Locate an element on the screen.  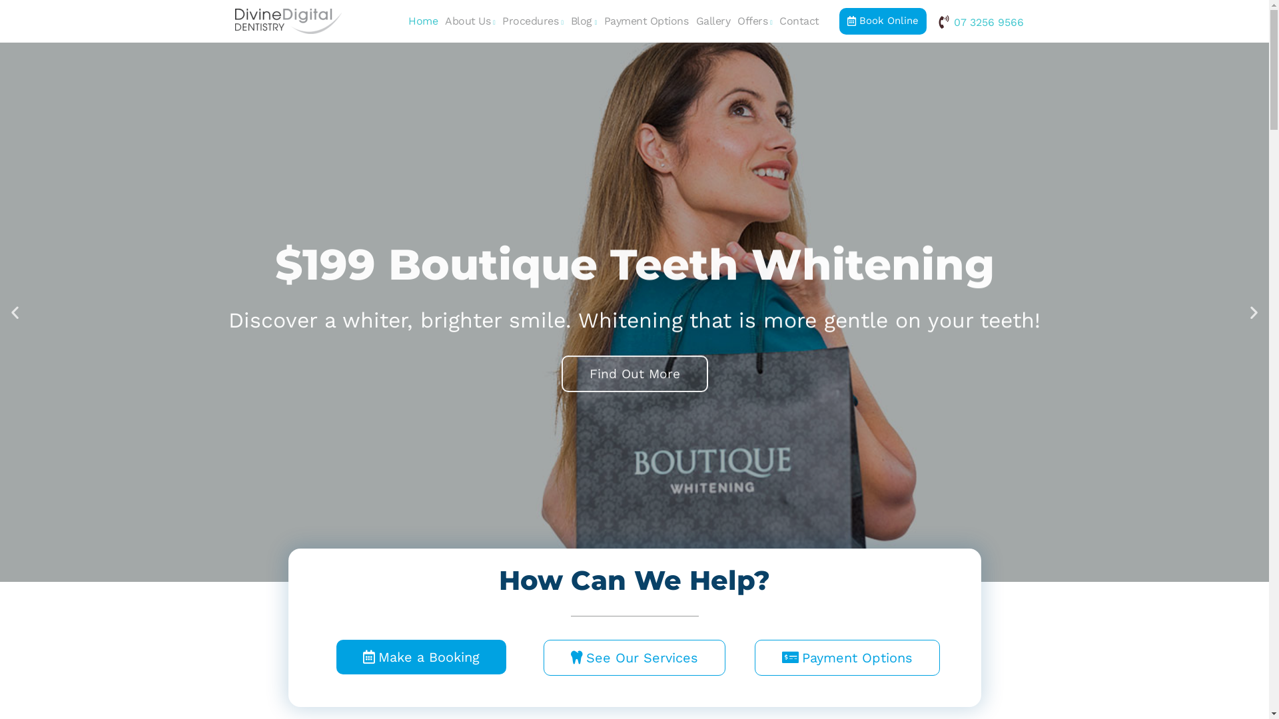
'About Us' is located at coordinates (470, 21).